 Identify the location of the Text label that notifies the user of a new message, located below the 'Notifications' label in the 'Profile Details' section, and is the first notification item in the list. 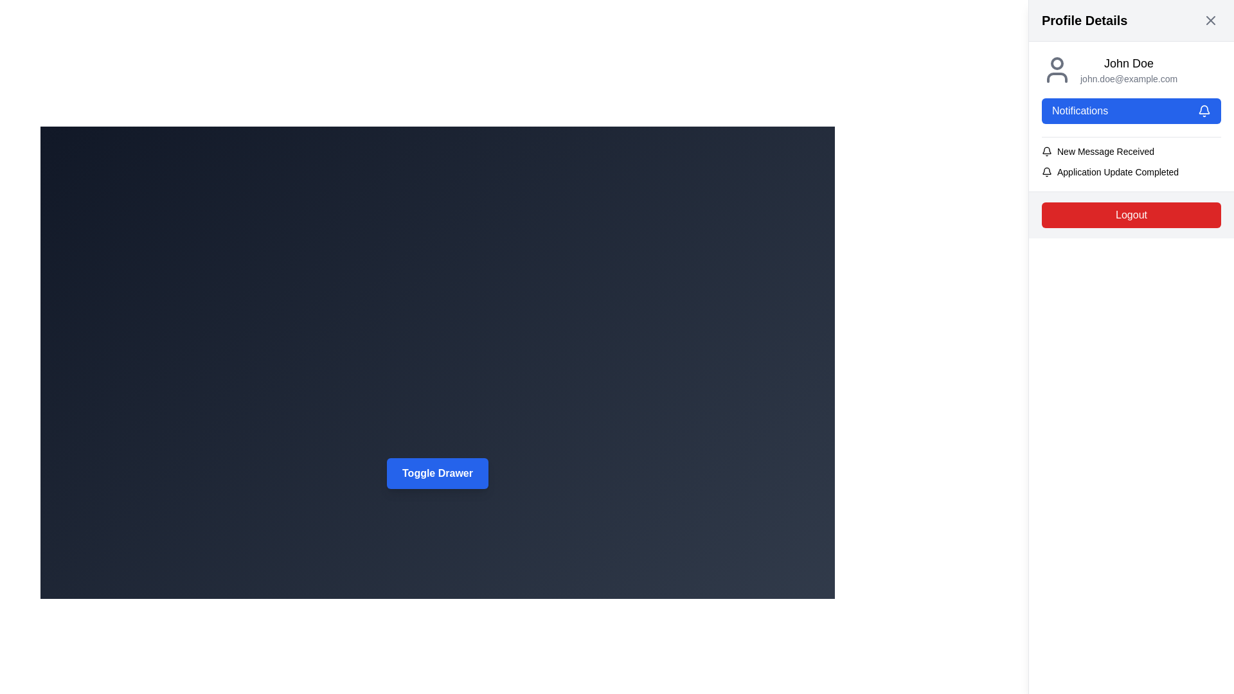
(1105, 150).